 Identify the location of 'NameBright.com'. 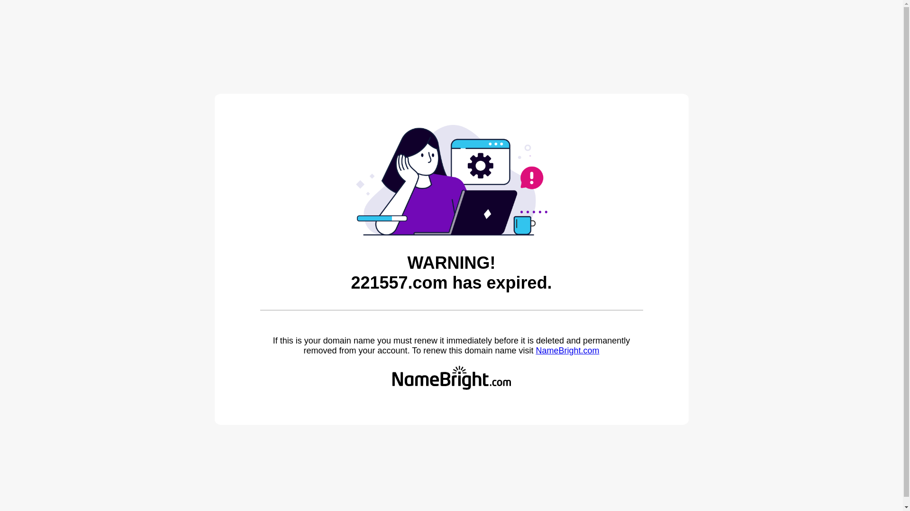
(567, 350).